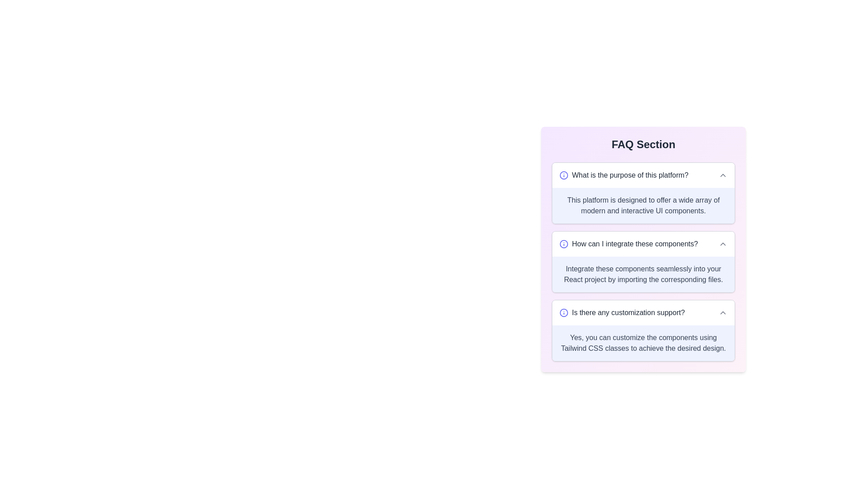 Image resolution: width=858 pixels, height=482 pixels. What do you see at coordinates (723, 312) in the screenshot?
I see `the Chevron-Up icon, which is positioned at the right edge of the FAQ card for the query 'Is there any customization support?', serving as an expansion toggle button` at bounding box center [723, 312].